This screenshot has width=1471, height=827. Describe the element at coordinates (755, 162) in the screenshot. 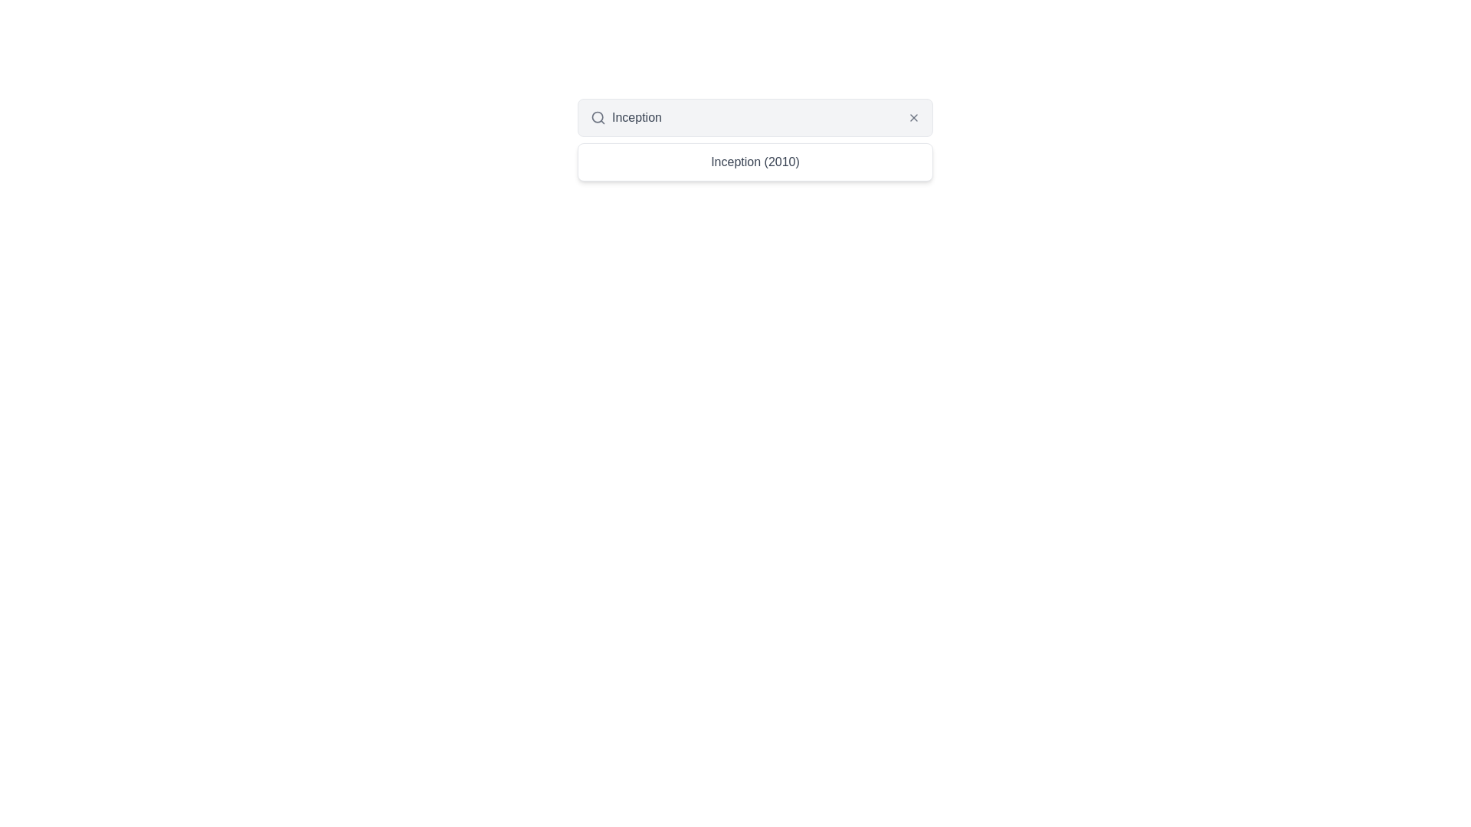

I see `the suggestion or result item displayed in the search dropdown menu, located centrally beneath the search bar` at that location.